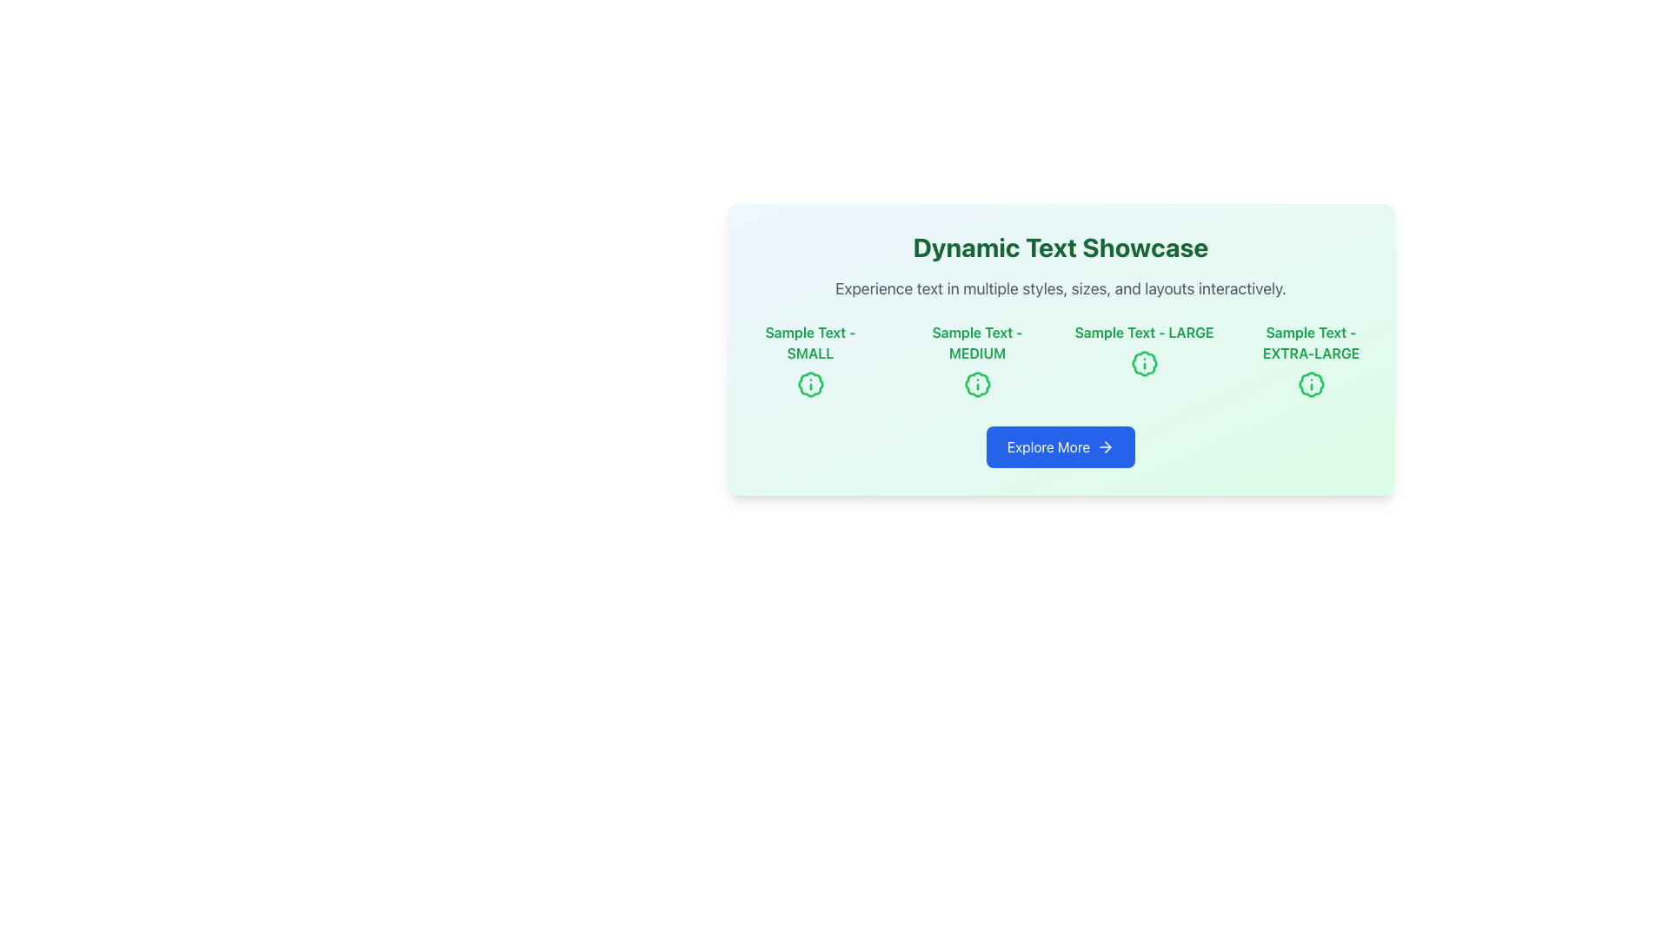  What do you see at coordinates (1060, 446) in the screenshot?
I see `the 'Explore More' button with a blue background and white text` at bounding box center [1060, 446].